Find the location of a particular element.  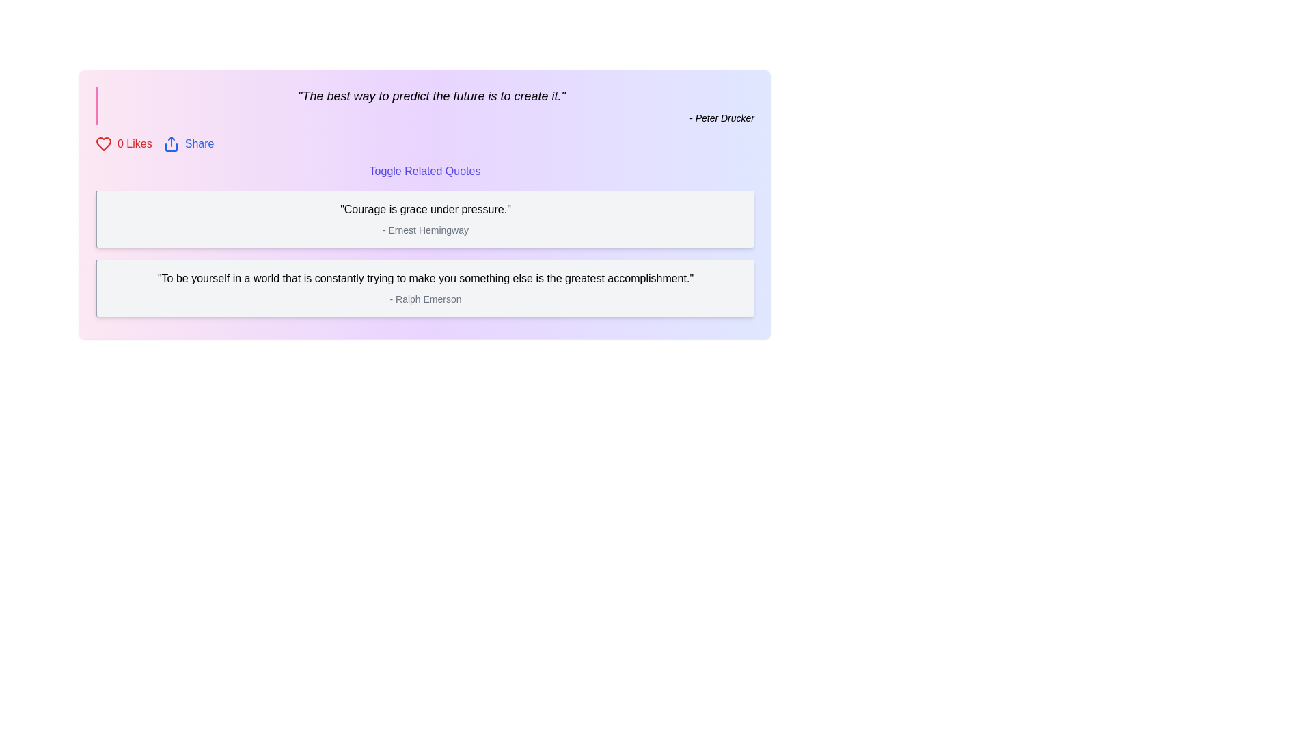

the interactive button group displaying '0 Likes' and 'Share' icons is located at coordinates (424, 144).